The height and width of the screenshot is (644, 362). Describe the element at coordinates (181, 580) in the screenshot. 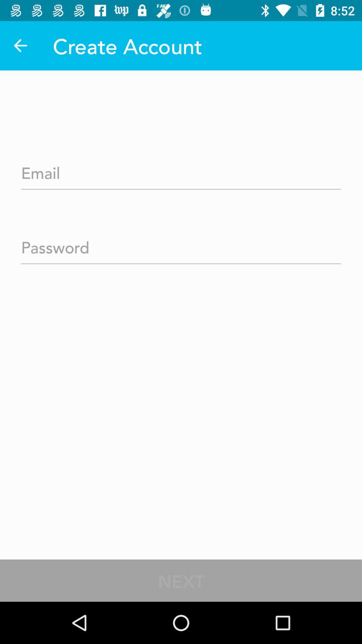

I see `the next icon` at that location.